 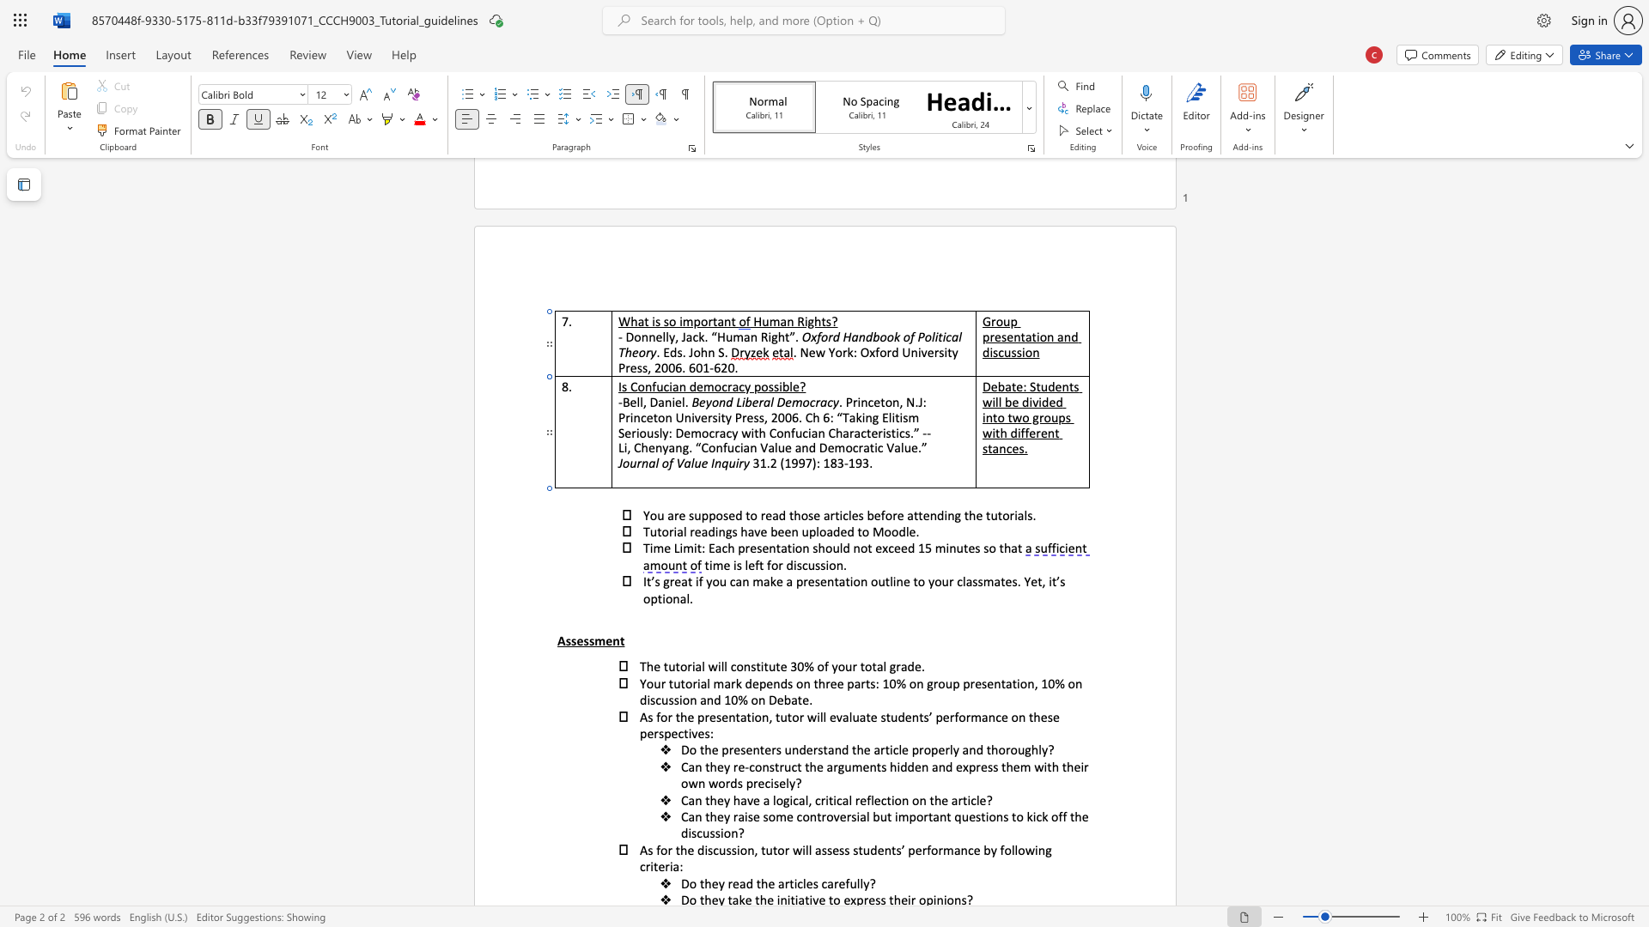 I want to click on the 6th character "r" in the text, so click(x=934, y=682).